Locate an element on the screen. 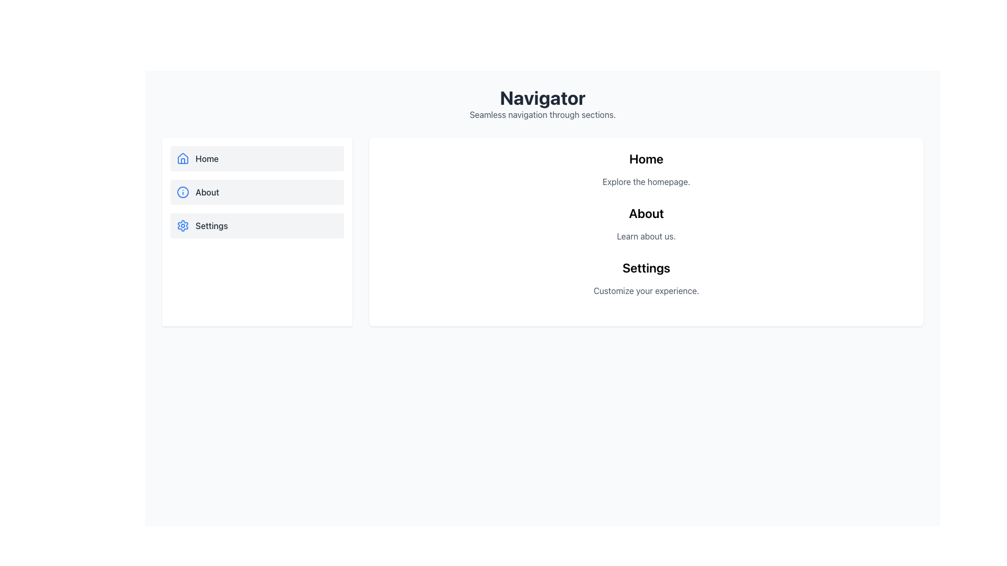 Image resolution: width=1007 pixels, height=566 pixels. the descriptive subtitle element located directly below the main title 'Navigator', which provides additional context for the section is located at coordinates (543, 115).